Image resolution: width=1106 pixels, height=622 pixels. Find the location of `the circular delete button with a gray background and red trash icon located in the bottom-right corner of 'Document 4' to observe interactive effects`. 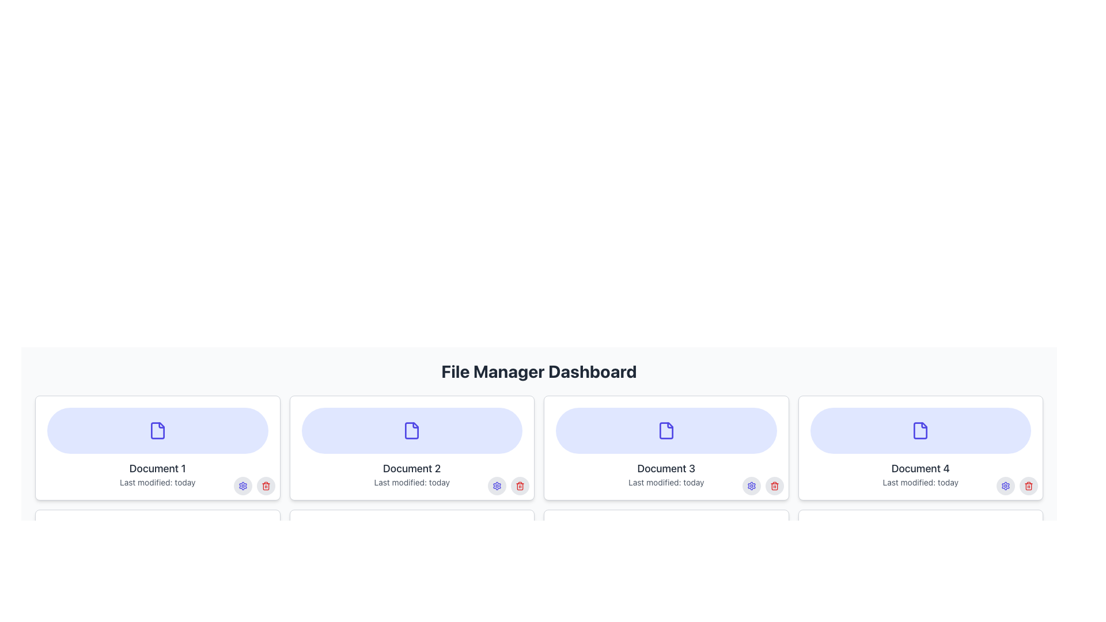

the circular delete button with a gray background and red trash icon located in the bottom-right corner of 'Document 4' to observe interactive effects is located at coordinates (1028, 486).